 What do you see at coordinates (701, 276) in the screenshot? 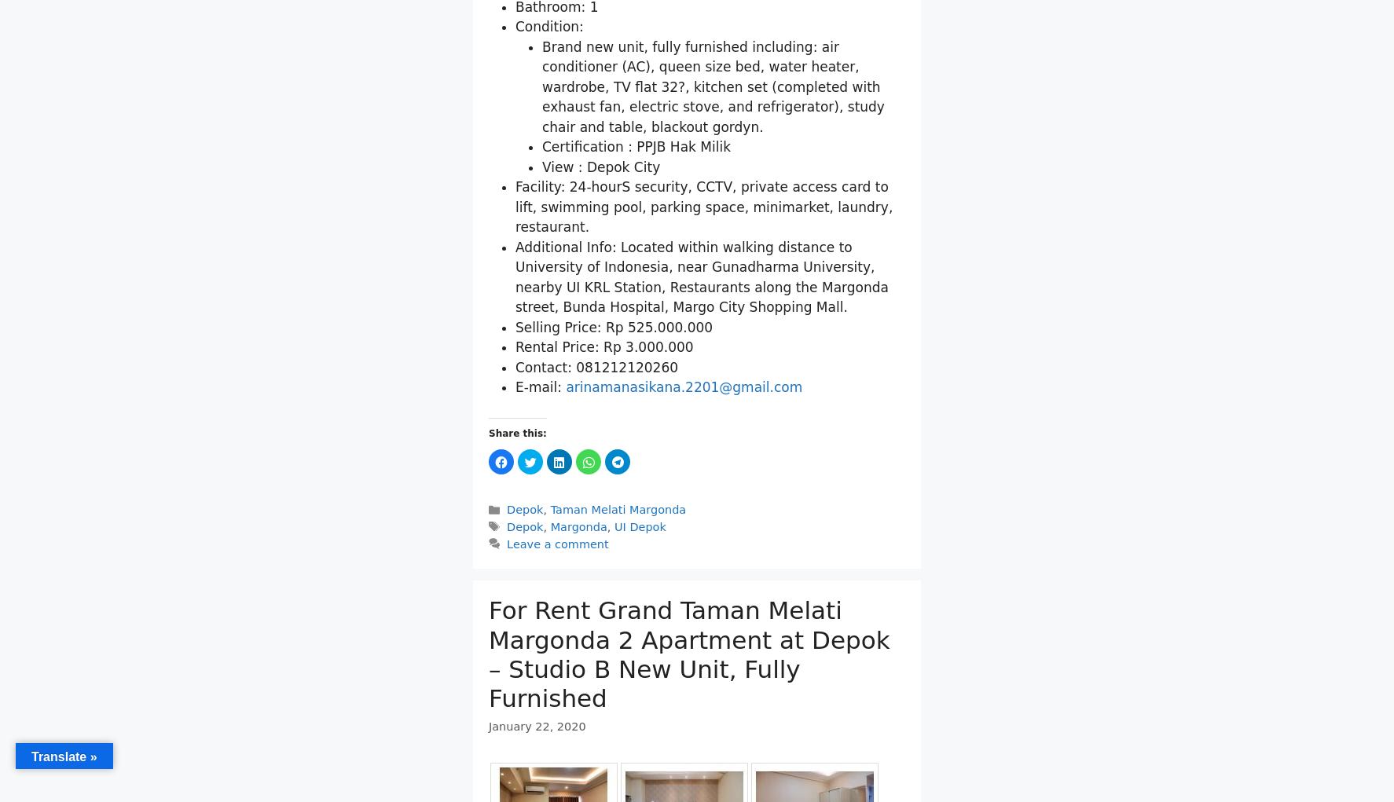
I see `'Additional Info: Located within walking distance to University of Indonesia, near Gunadharma University, nearby UI KRL Station, Restaurants along the Margonda street, Bunda Hospital, Margo City Shopping Mall.'` at bounding box center [701, 276].